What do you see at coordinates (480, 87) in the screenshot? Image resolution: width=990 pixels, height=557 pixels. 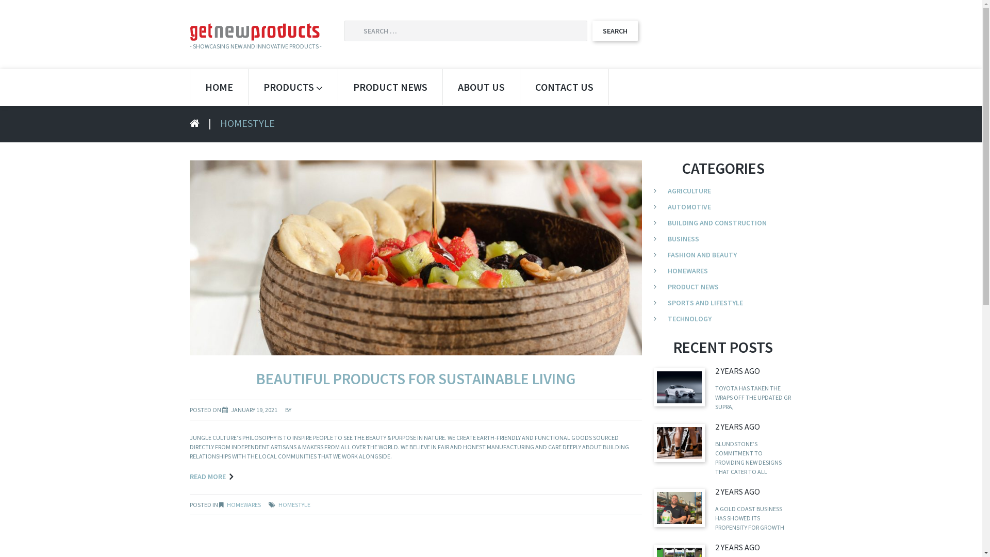 I see `'ABOUT US'` at bounding box center [480, 87].